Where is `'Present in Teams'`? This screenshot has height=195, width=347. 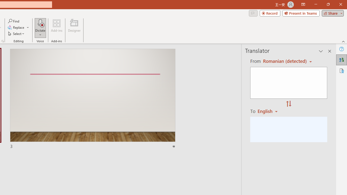 'Present in Teams' is located at coordinates (301, 13).